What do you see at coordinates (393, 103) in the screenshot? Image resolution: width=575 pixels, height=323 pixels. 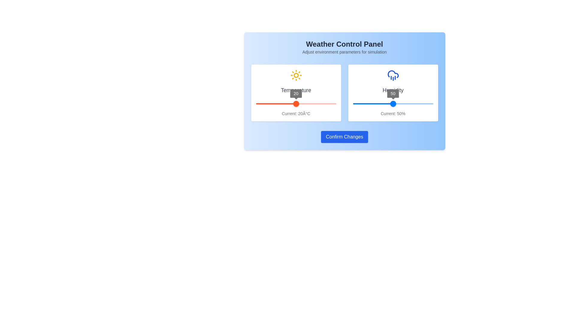 I see `humidity` at bounding box center [393, 103].